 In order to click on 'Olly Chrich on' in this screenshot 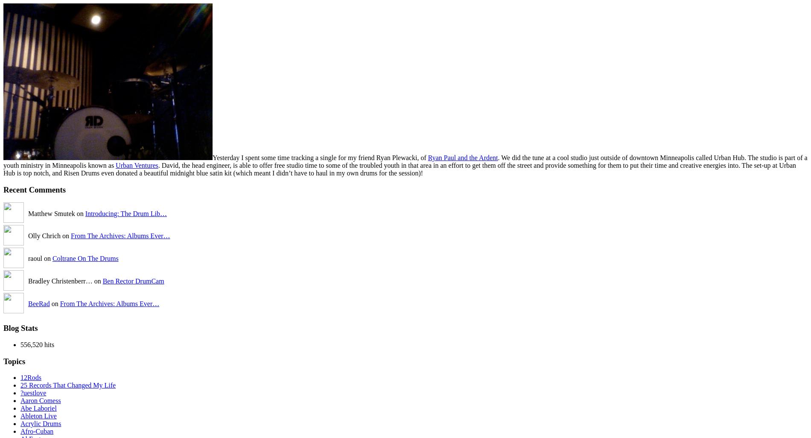, I will do `click(50, 235)`.